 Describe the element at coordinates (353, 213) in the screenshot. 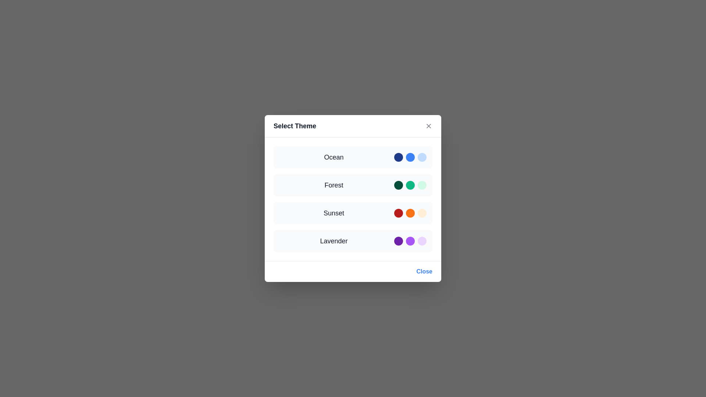

I see `the theme Sunset by clicking on its corresponding interactive area` at that location.